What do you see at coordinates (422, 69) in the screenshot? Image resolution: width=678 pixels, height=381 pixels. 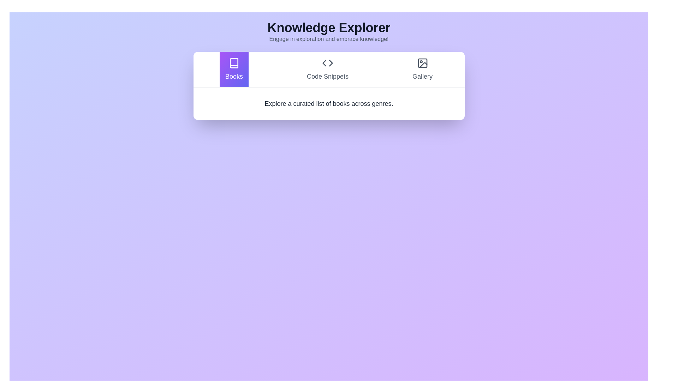 I see `the Gallery tab to switch the content` at bounding box center [422, 69].